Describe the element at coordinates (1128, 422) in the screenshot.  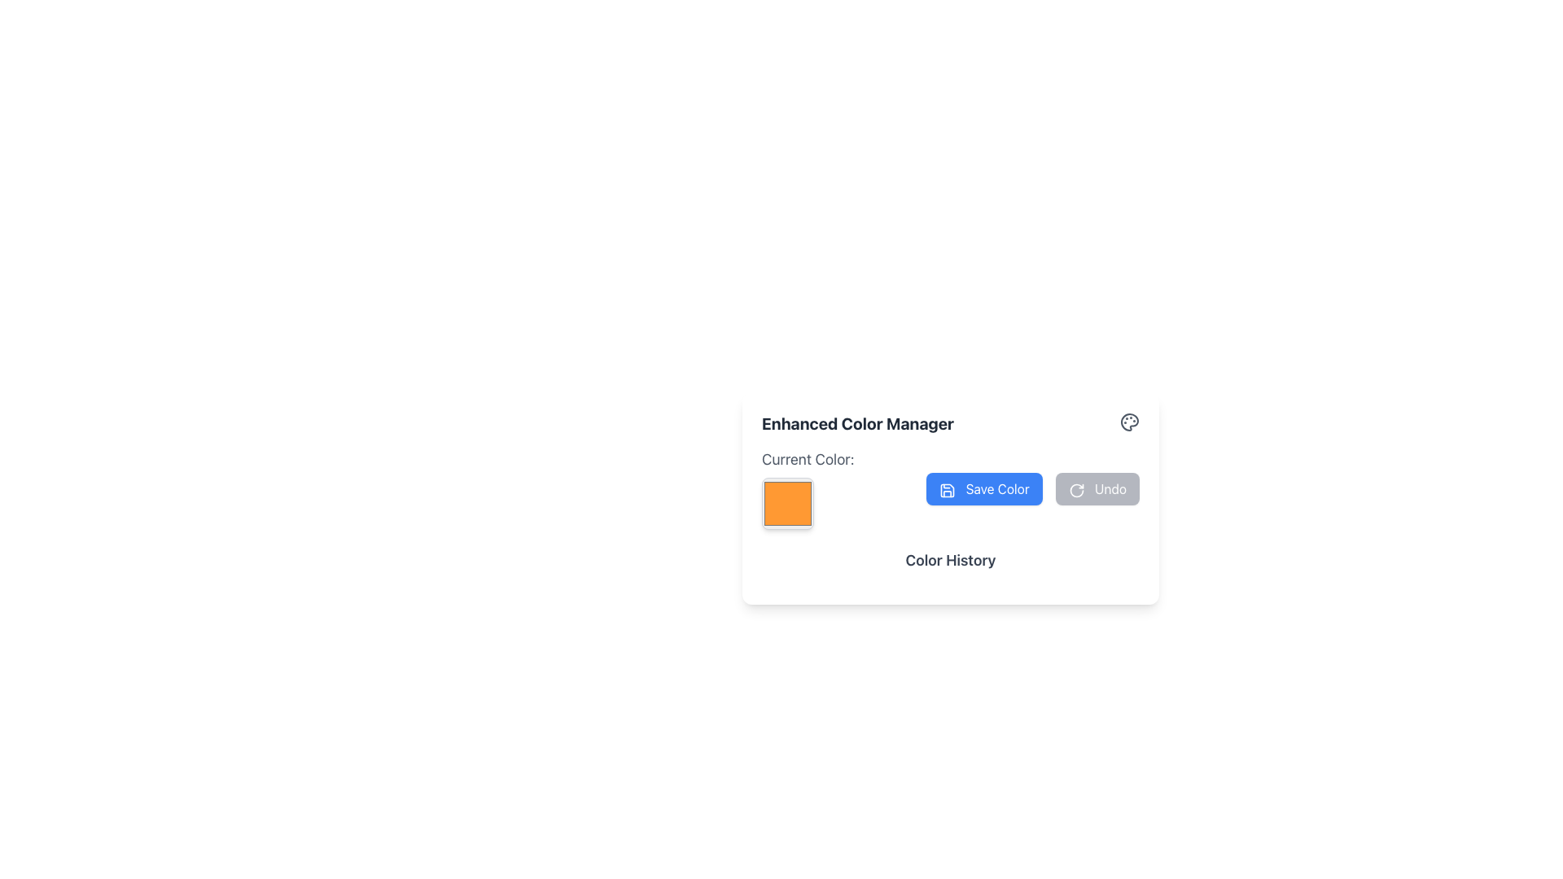
I see `the decorative icon representing color-related functionality, located at the top-right corner of the 'Enhanced Color Manager' header` at that location.